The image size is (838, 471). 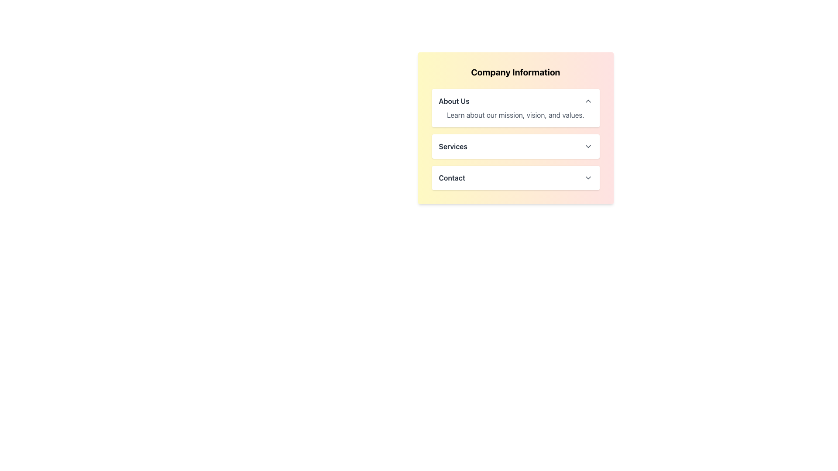 What do you see at coordinates (588, 146) in the screenshot?
I see `the downward-pointing chevron icon next to the 'Services' text` at bounding box center [588, 146].